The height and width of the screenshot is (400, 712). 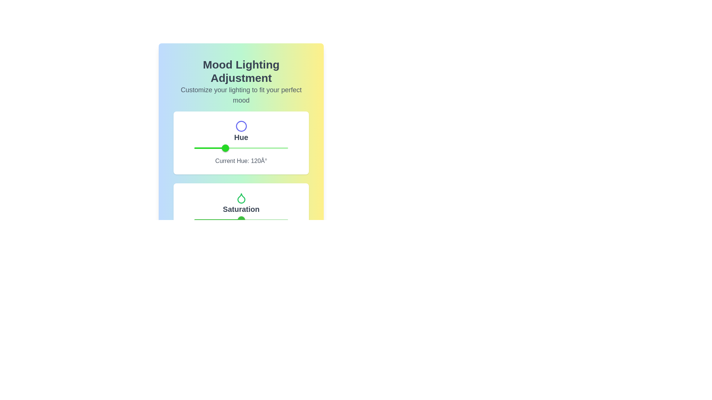 I want to click on the saturation, so click(x=206, y=220).